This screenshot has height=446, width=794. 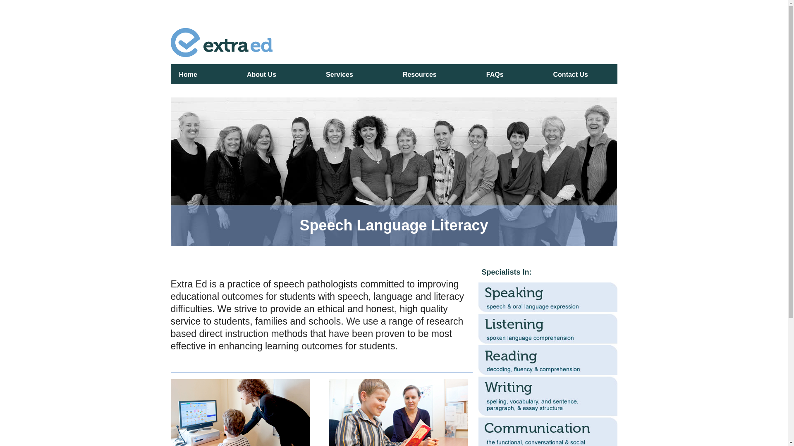 I want to click on 'About Us', so click(x=261, y=74).